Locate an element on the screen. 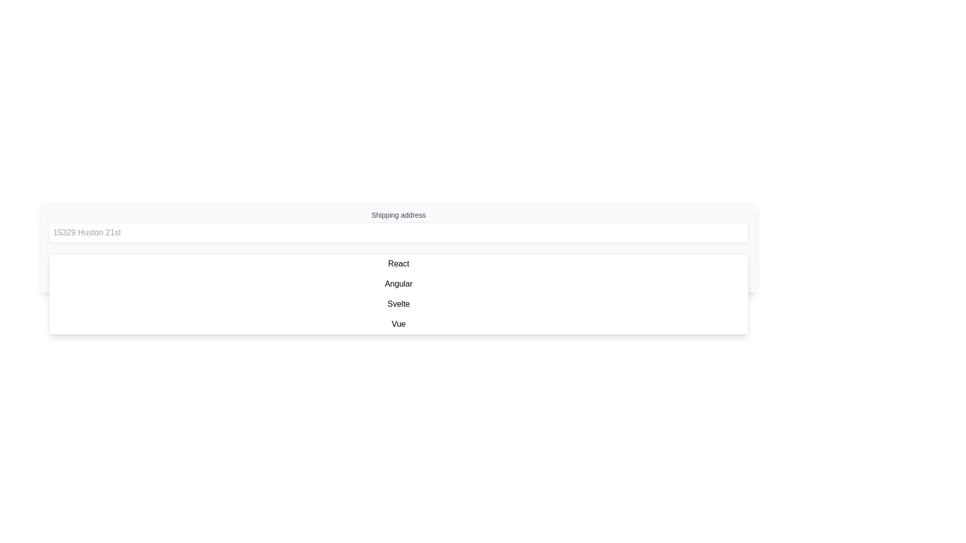 The width and height of the screenshot is (966, 543). the dropdown menu that allows users to select their favorite library or framework, located below the 'Shipping address' section is located at coordinates (398, 267).